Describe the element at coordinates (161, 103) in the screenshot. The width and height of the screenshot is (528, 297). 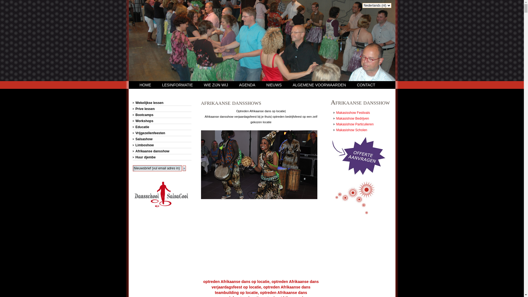
I see `'Wekelijkse lessen'` at that location.